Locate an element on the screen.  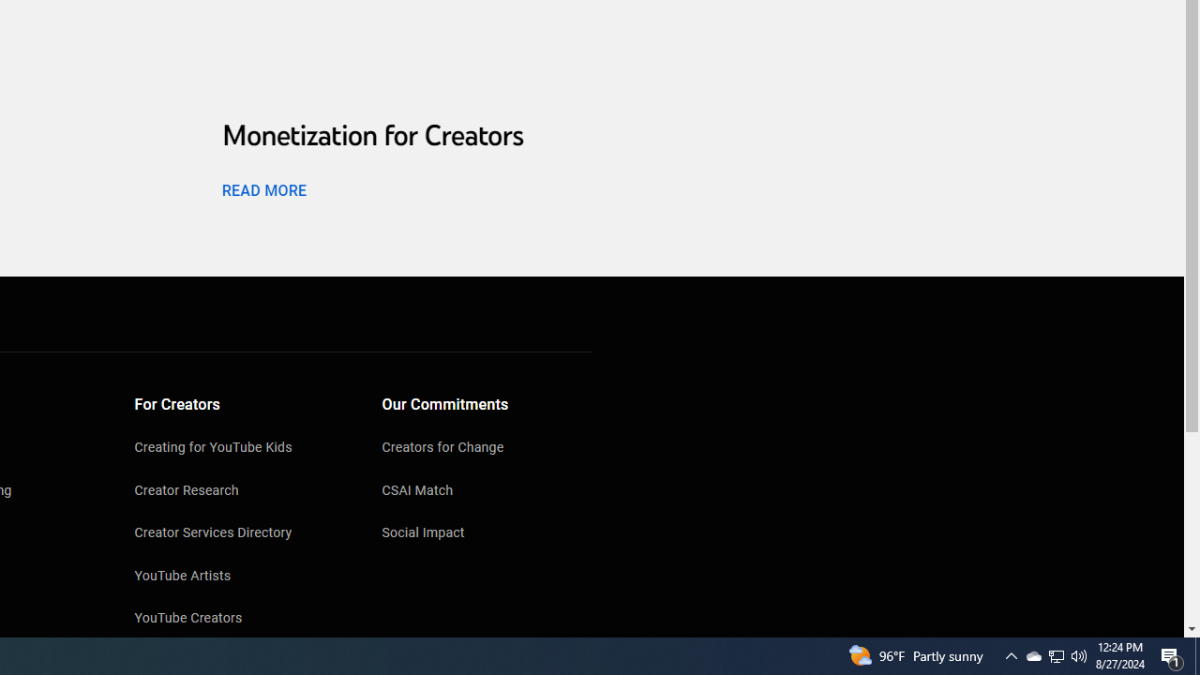
'Creator Research' is located at coordinates (239, 490).